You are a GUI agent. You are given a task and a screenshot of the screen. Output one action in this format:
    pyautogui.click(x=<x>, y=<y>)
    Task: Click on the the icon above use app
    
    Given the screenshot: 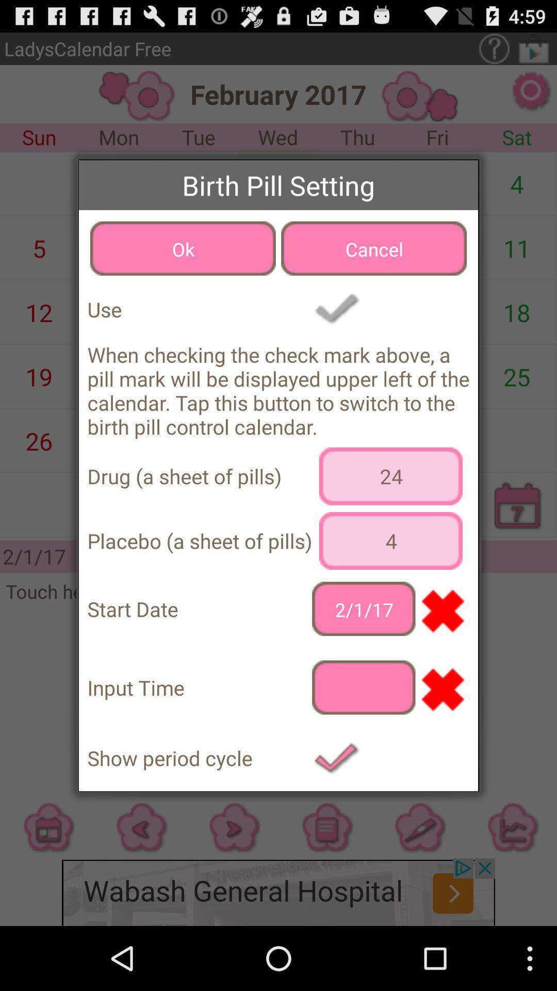 What is the action you would take?
    pyautogui.click(x=182, y=248)
    